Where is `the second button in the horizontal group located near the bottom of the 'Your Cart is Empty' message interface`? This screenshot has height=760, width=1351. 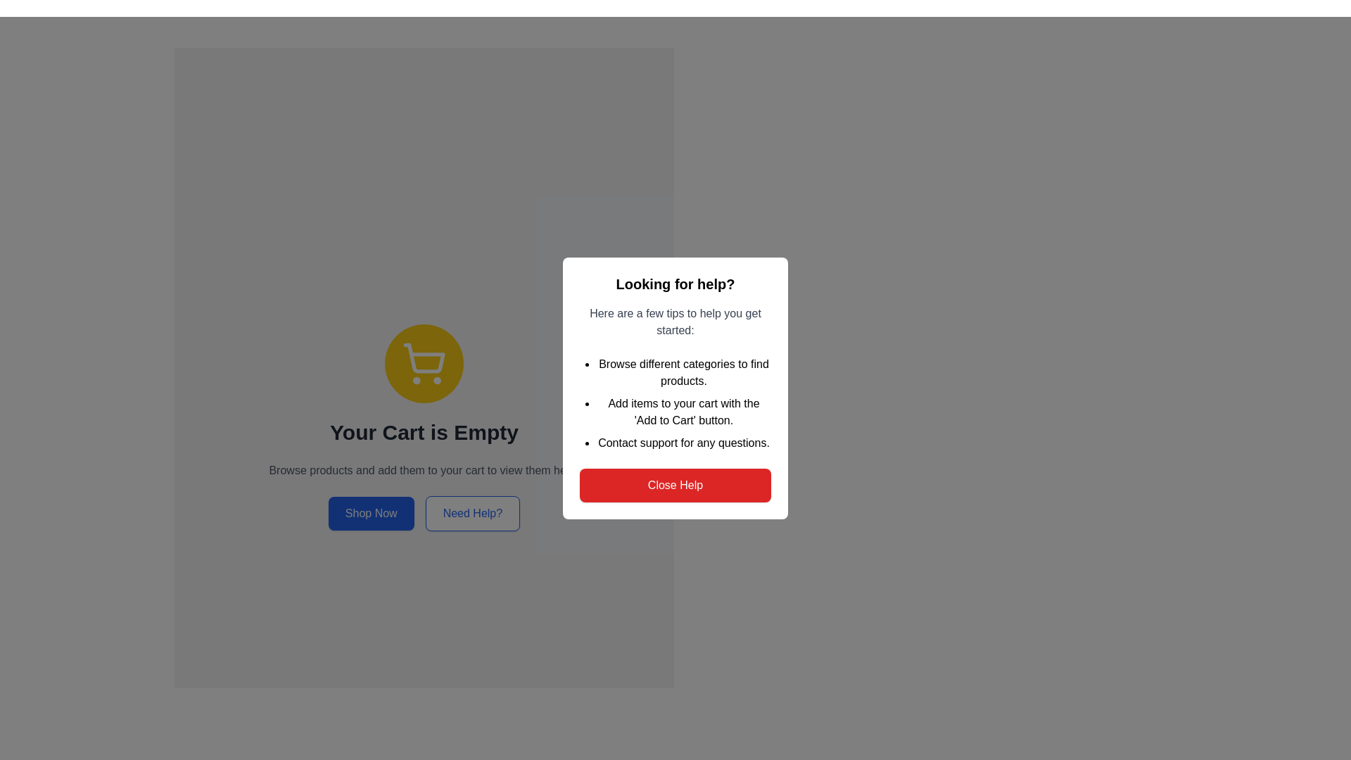
the second button in the horizontal group located near the bottom of the 'Your Cart is Empty' message interface is located at coordinates (473, 513).